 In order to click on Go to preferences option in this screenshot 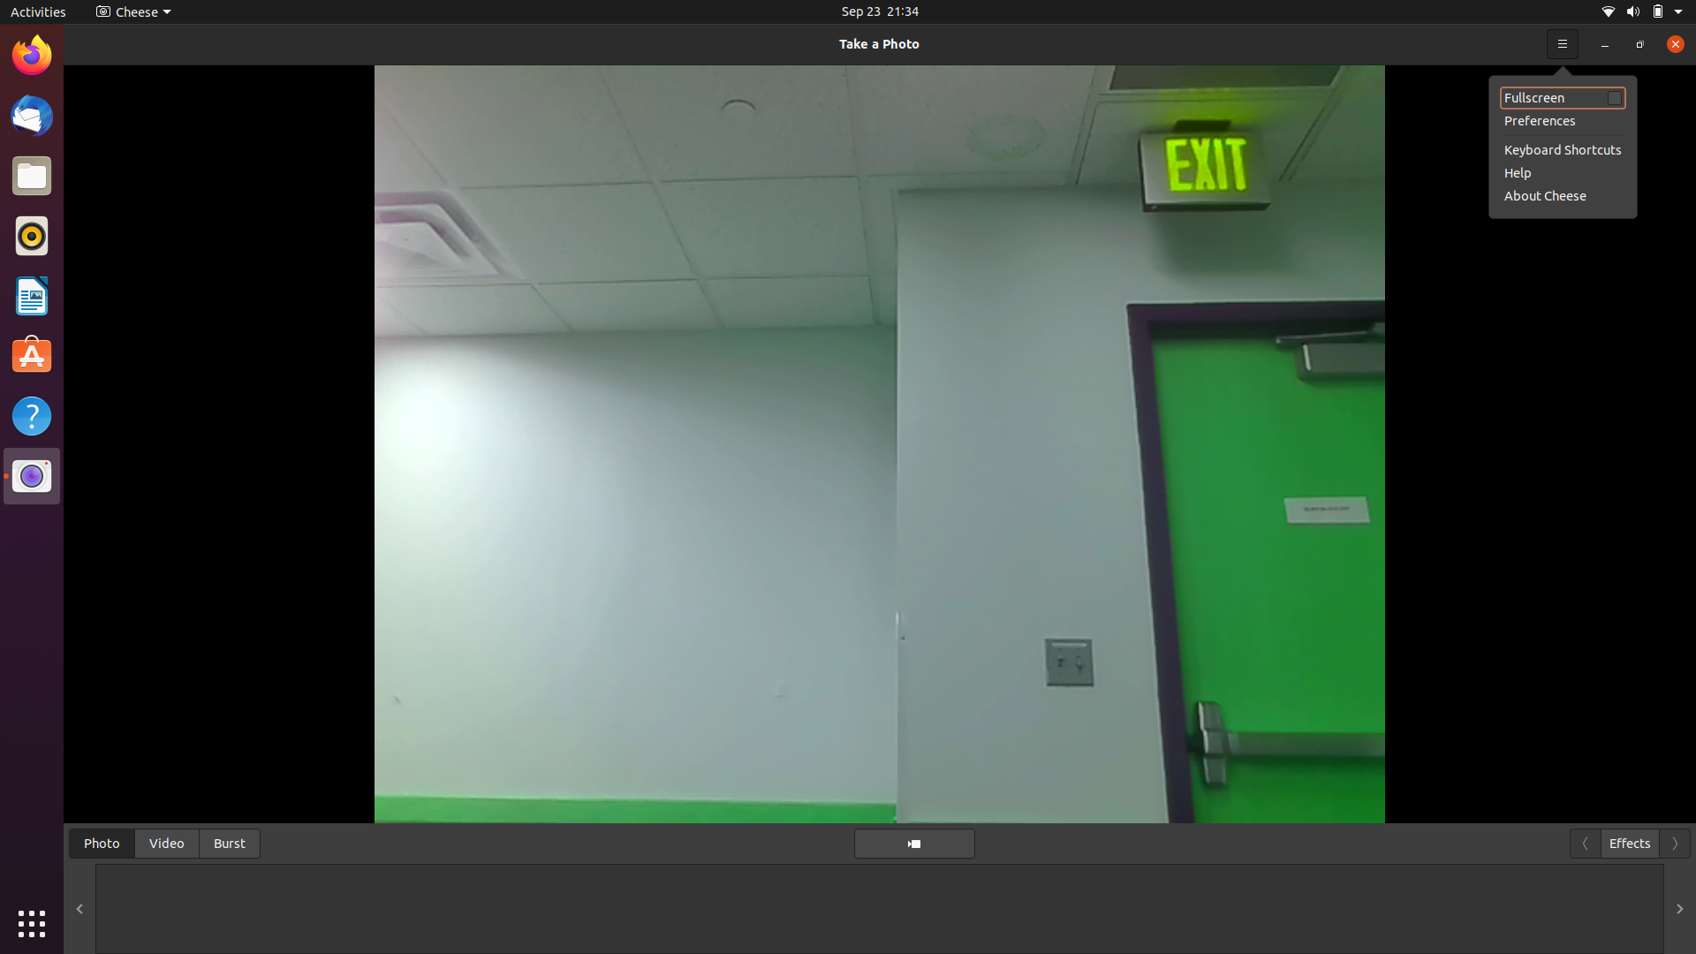, I will do `click(1562, 120)`.